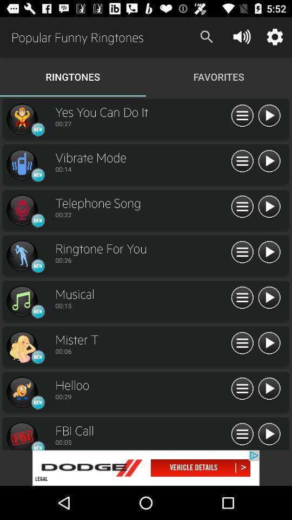 Image resolution: width=292 pixels, height=520 pixels. What do you see at coordinates (268, 298) in the screenshot?
I see `start button` at bounding box center [268, 298].